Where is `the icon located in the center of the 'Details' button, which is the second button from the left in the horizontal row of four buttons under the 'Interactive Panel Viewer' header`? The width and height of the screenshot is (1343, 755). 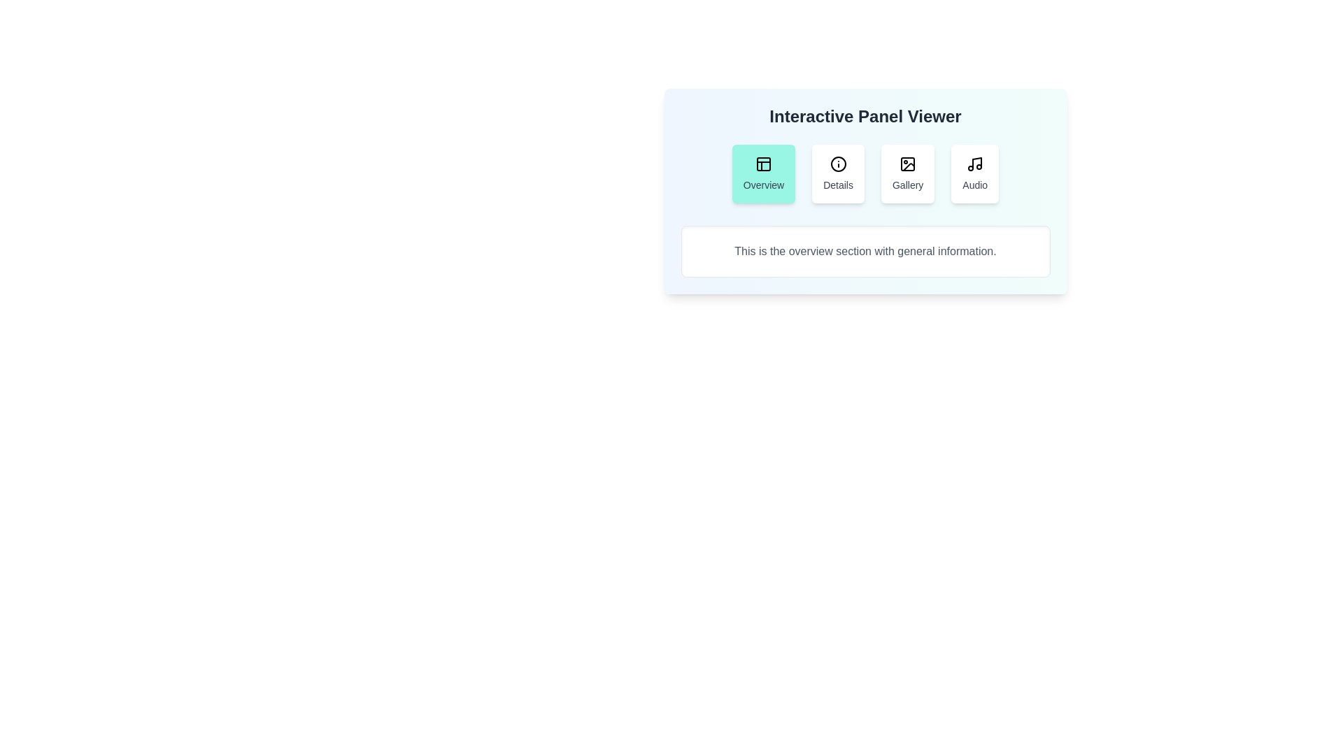 the icon located in the center of the 'Details' button, which is the second button from the left in the horizontal row of four buttons under the 'Interactive Panel Viewer' header is located at coordinates (838, 164).